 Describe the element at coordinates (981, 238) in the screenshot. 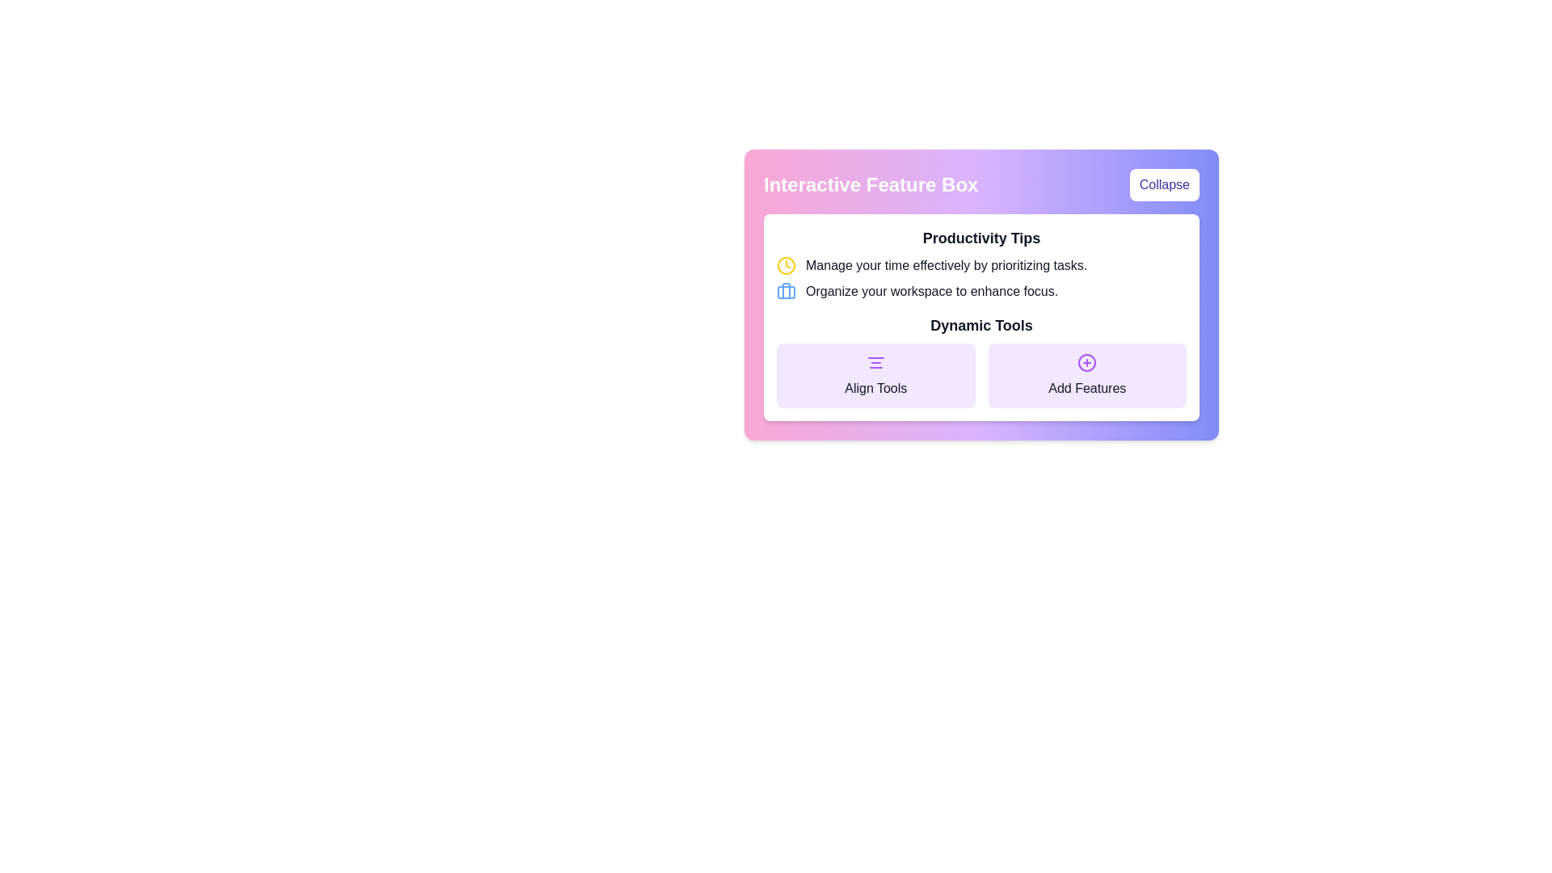

I see `the Text header that introduces productivity tips, located centrally above the text 'Manage your time effectively by prioritizing tasks.'` at that location.